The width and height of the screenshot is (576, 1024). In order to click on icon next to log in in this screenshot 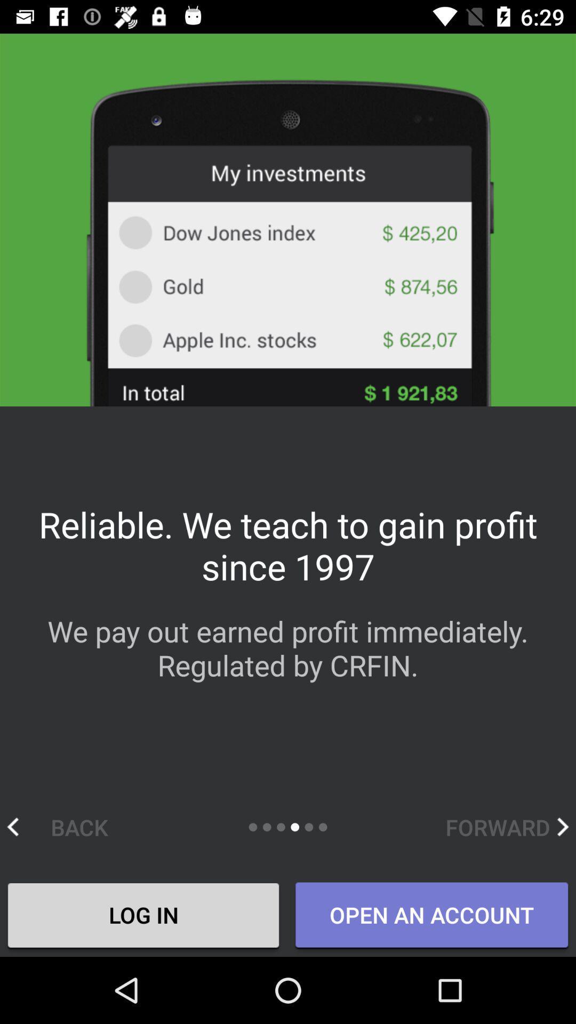, I will do `click(431, 915)`.